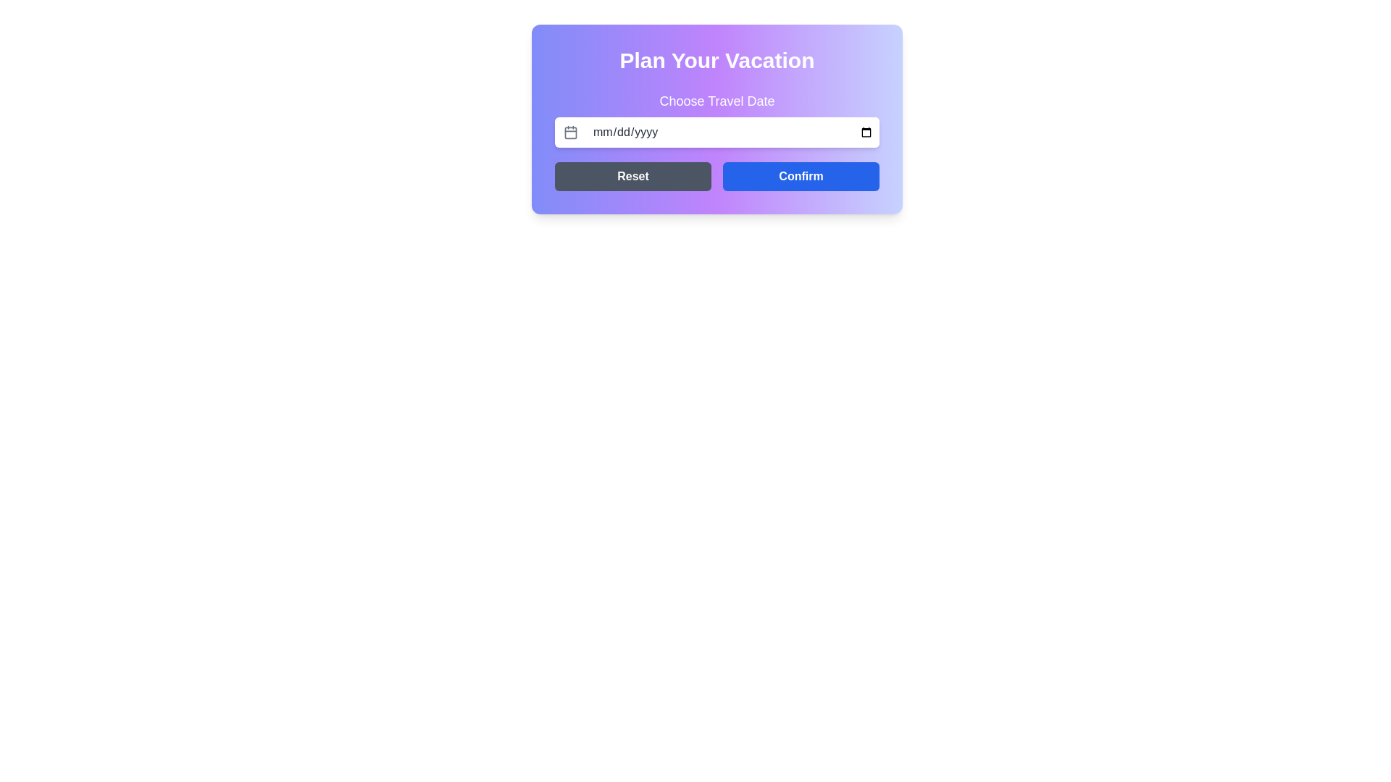 Image resolution: width=1391 pixels, height=782 pixels. I want to click on the Static Text Label displaying 'Choose Travel Date', which is located at the top of the travel date selection form, so click(717, 100).